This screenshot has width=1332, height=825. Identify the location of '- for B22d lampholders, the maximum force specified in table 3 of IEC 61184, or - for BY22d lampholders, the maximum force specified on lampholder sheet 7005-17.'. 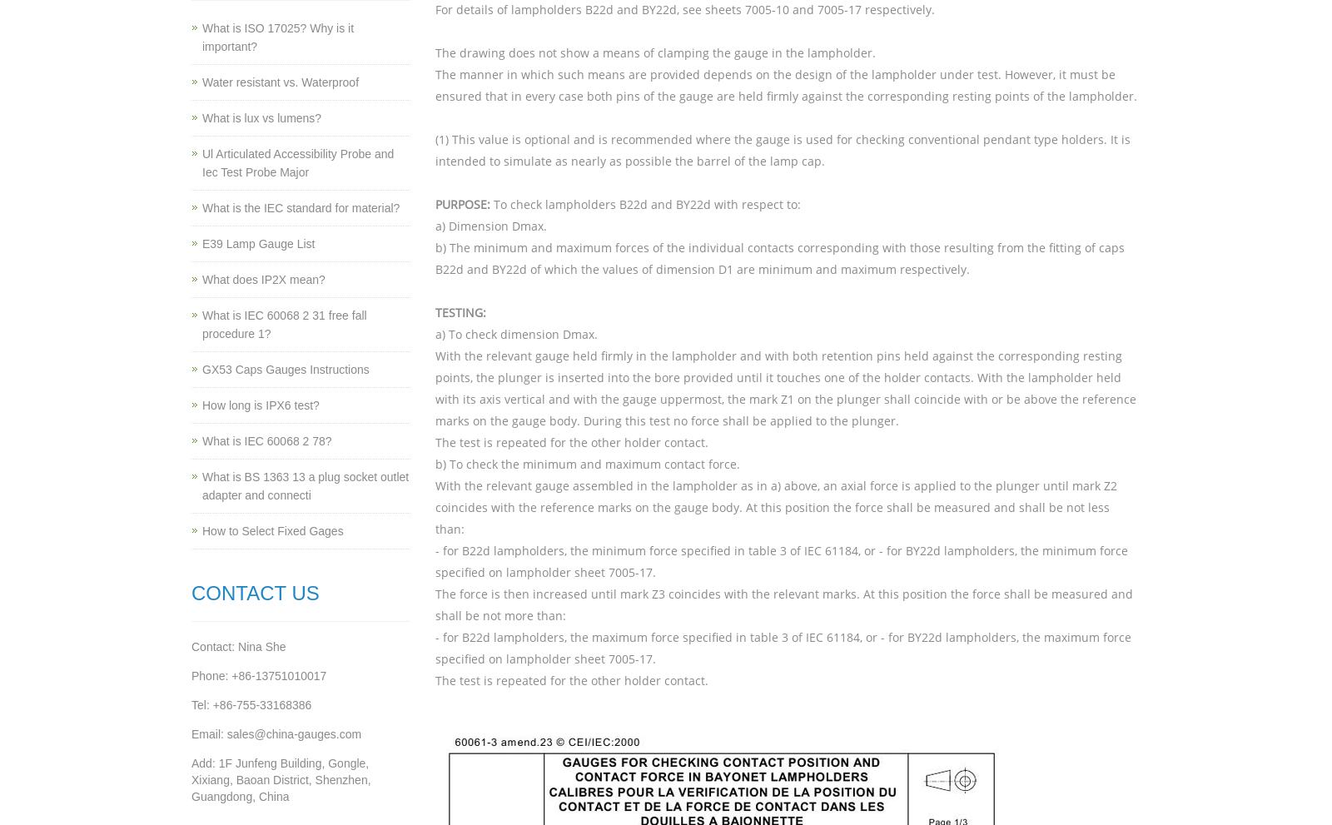
(782, 648).